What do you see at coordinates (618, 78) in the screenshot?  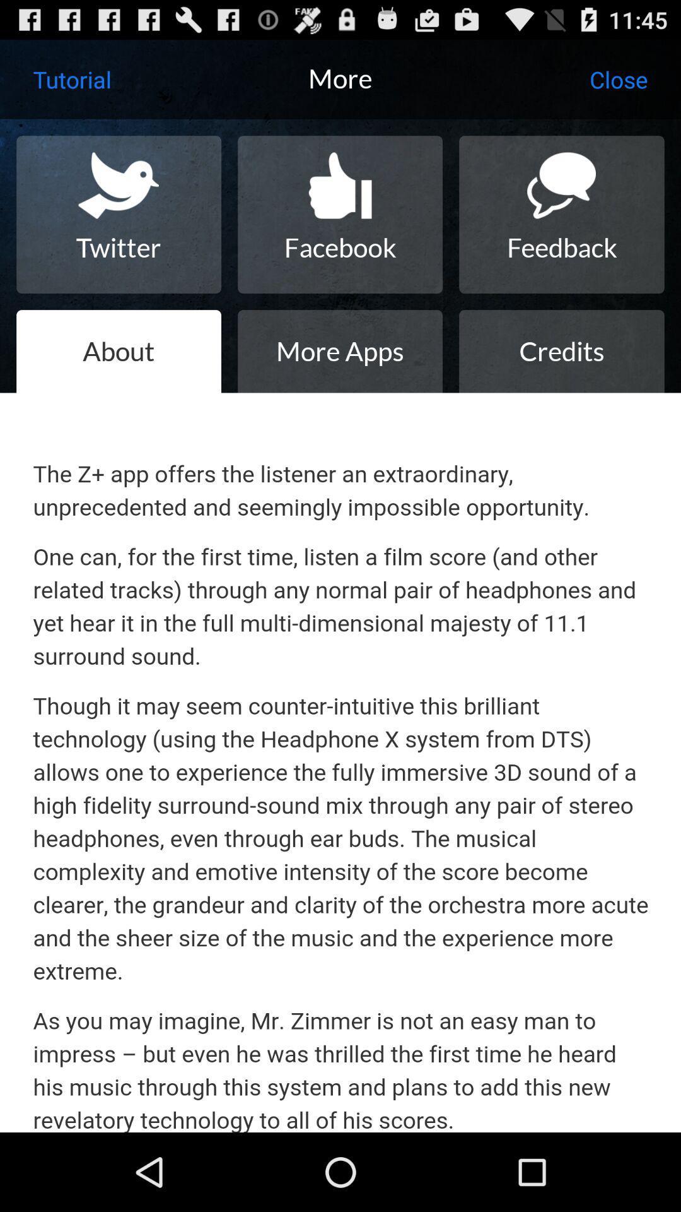 I see `the icon to the right of more icon` at bounding box center [618, 78].